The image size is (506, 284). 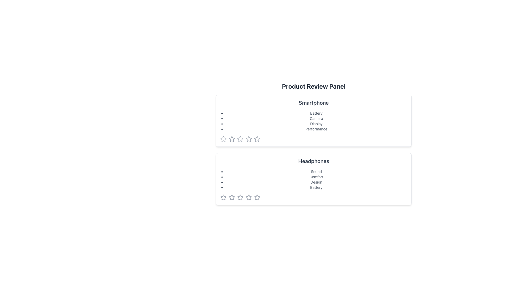 What do you see at coordinates (257, 139) in the screenshot?
I see `the fifth rating star in the rating panel below the 'Smartphone' heading` at bounding box center [257, 139].